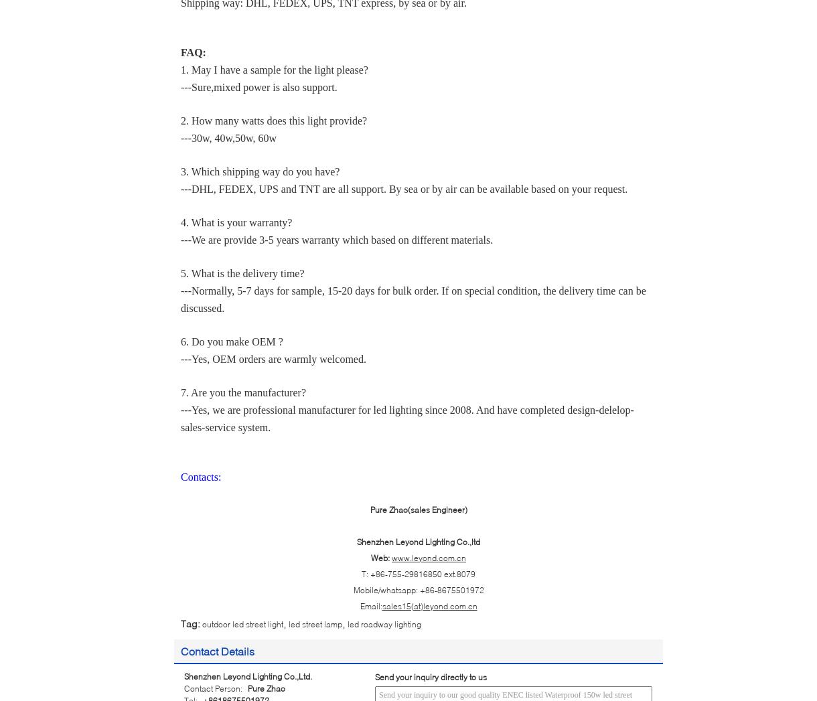 Image resolution: width=817 pixels, height=701 pixels. Describe the element at coordinates (413, 299) in the screenshot. I see `'---Normally, 5-7 days for sample, 15-20 days for bulk order. If on special condition, the delivery time can be discussed.'` at that location.